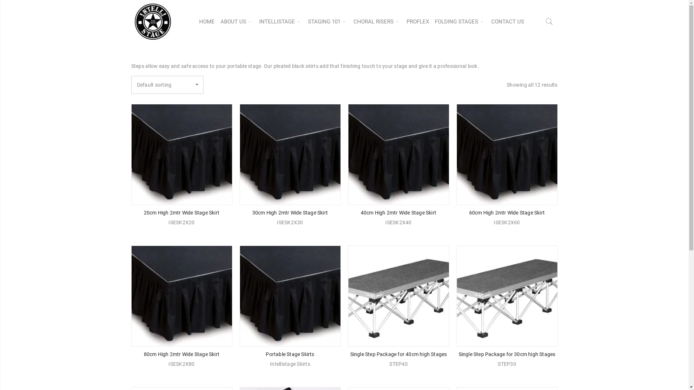 The height and width of the screenshot is (390, 694). Describe the element at coordinates (237, 21) in the screenshot. I see `'ABOUT US'` at that location.